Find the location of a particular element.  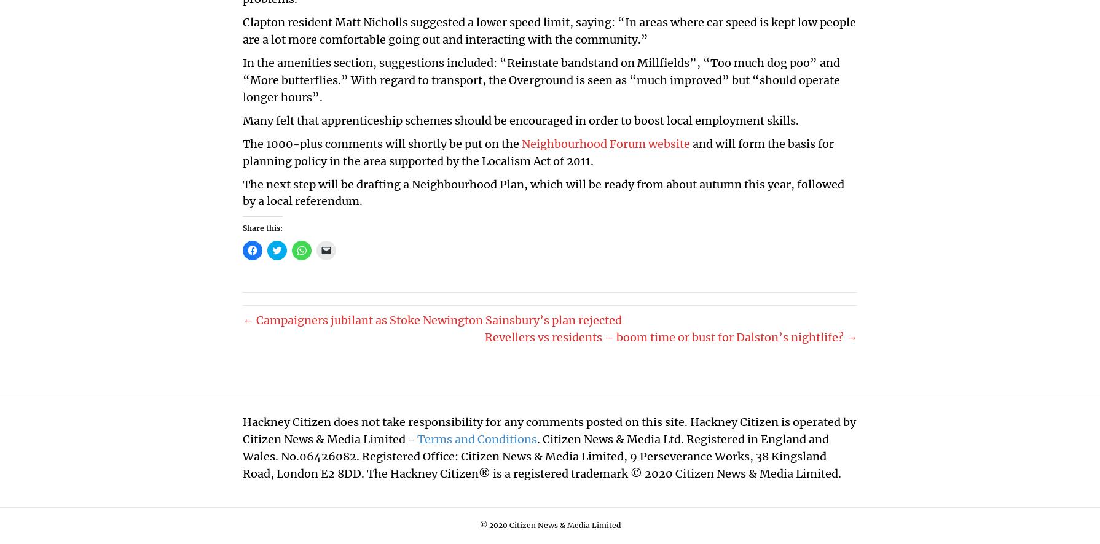

'. Citizen News & Media Ltd. Registered in England and Wales. No.06426082. Registered Office: Citizen News & Media Limited, 9 Perseverance Works, 38 Kingsland Road, London E2 8DD. The Hackney Citizen® is a registered trademark © 2020 Citizen News & Media Limited.' is located at coordinates (541, 456).